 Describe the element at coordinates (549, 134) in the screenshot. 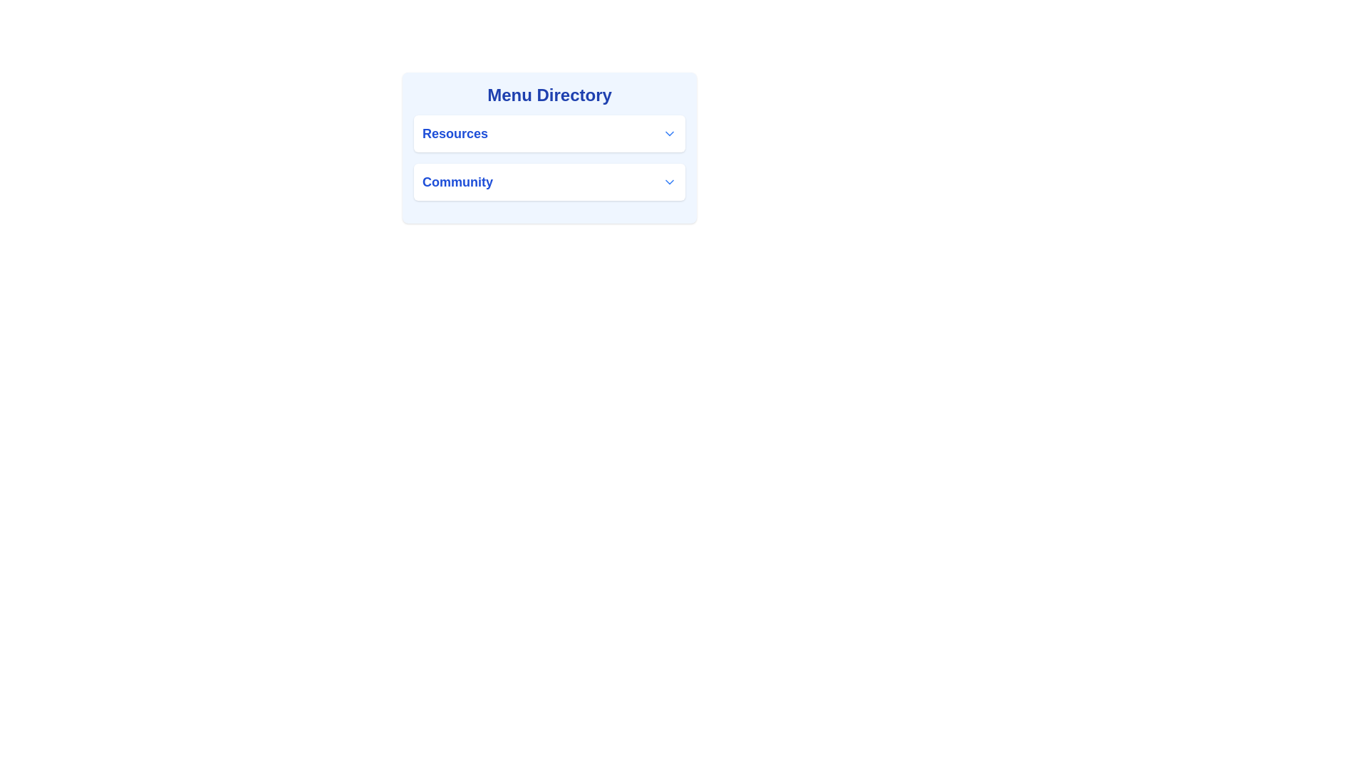

I see `the Resources menu item to trigger visual feedback` at that location.